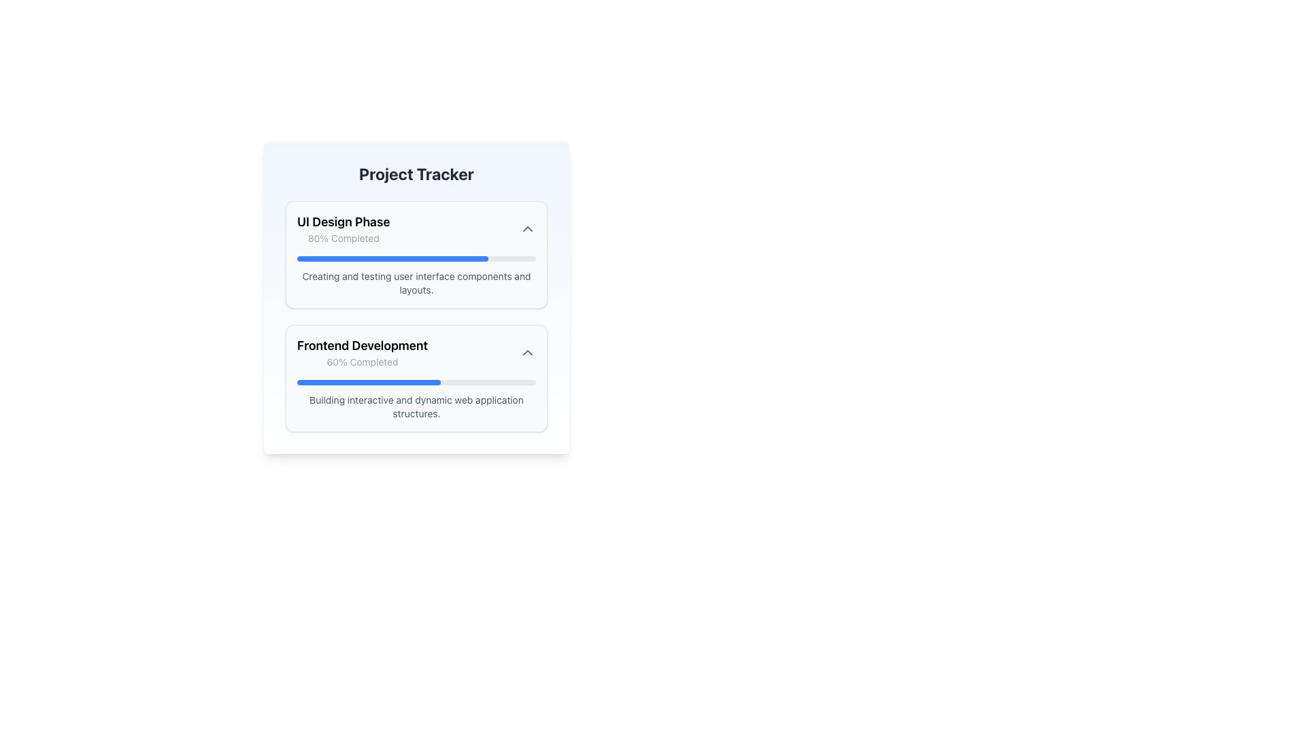  I want to click on the informative static text located below the progress bar and '80% Completed' text in the 'UI Design Phase' section of the 'Project Tracker' view, so click(416, 282).